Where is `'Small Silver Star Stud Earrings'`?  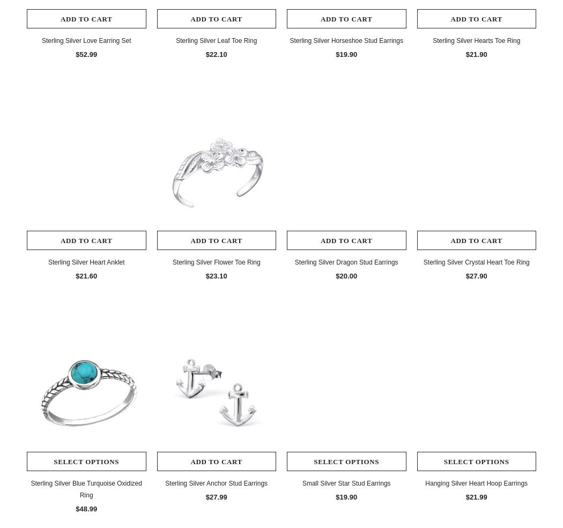 'Small Silver Star Stud Earrings' is located at coordinates (345, 482).